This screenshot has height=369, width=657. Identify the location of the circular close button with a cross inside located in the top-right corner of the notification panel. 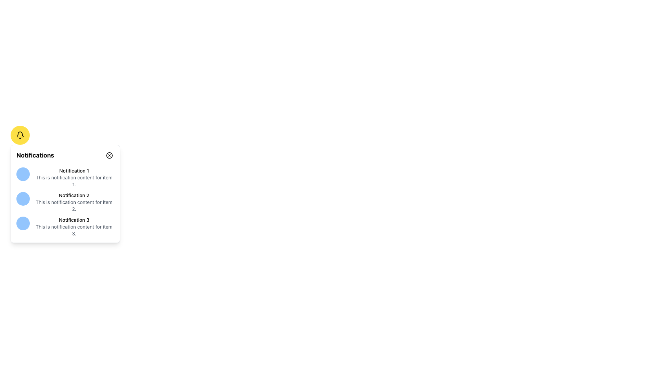
(109, 155).